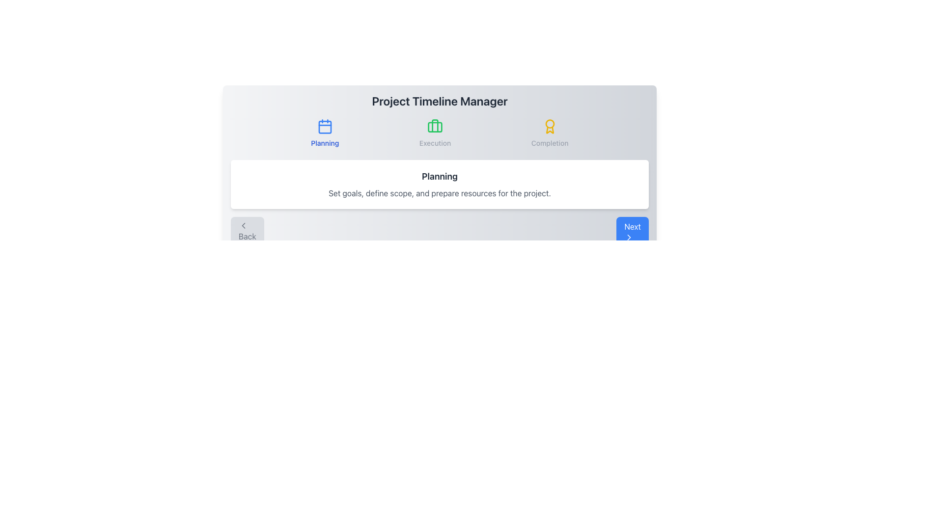 The image size is (943, 530). I want to click on text label 'Planning' which is styled in a medium blue font and positioned centrally below a calendar icon, so click(325, 143).